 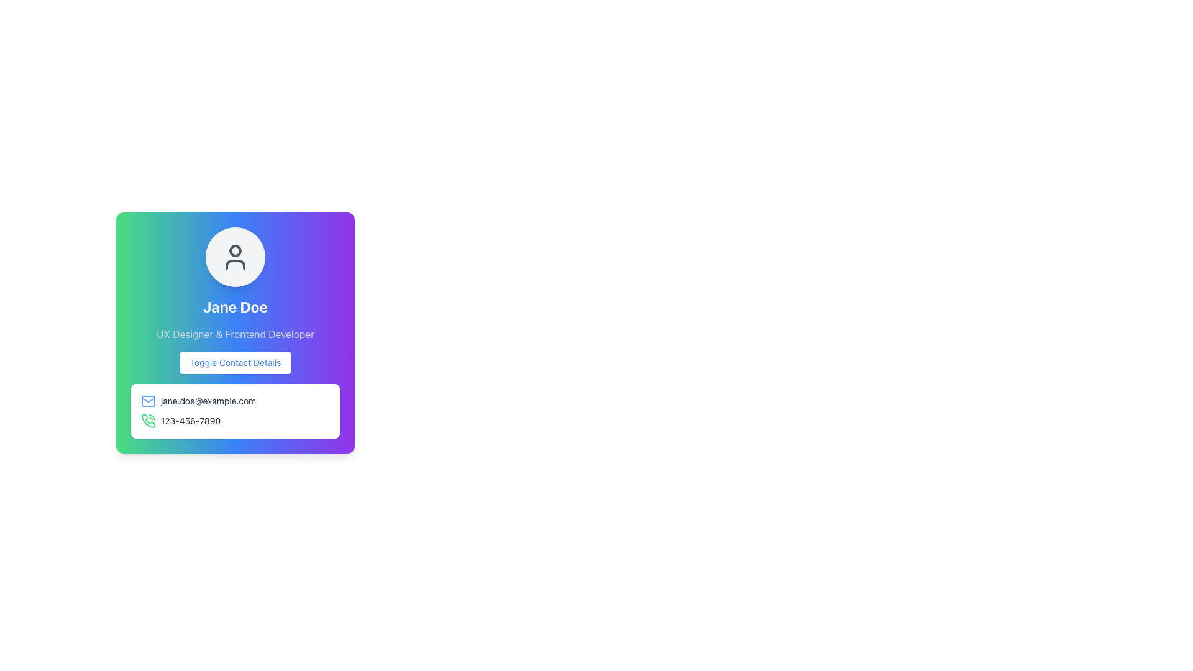 I want to click on the phone call icon located beside the phone number to initiate a phone call, so click(x=149, y=421).